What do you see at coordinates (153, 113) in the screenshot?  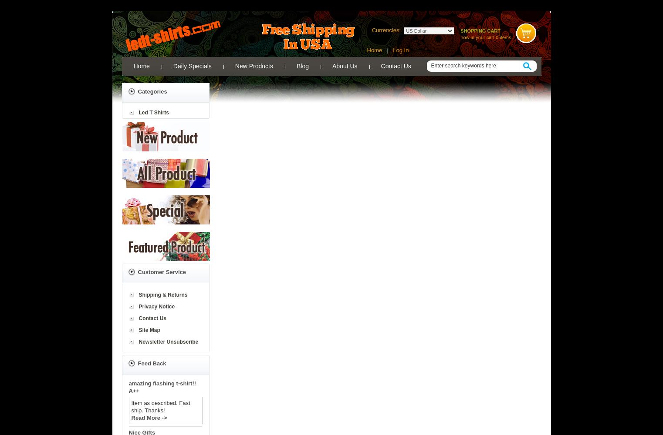 I see `'Led T Shirts'` at bounding box center [153, 113].